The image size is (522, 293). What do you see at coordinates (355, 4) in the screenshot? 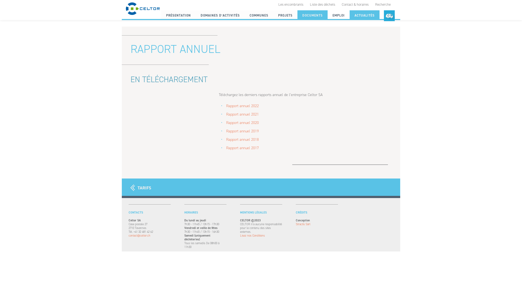
I see `'Contact & horaires'` at bounding box center [355, 4].